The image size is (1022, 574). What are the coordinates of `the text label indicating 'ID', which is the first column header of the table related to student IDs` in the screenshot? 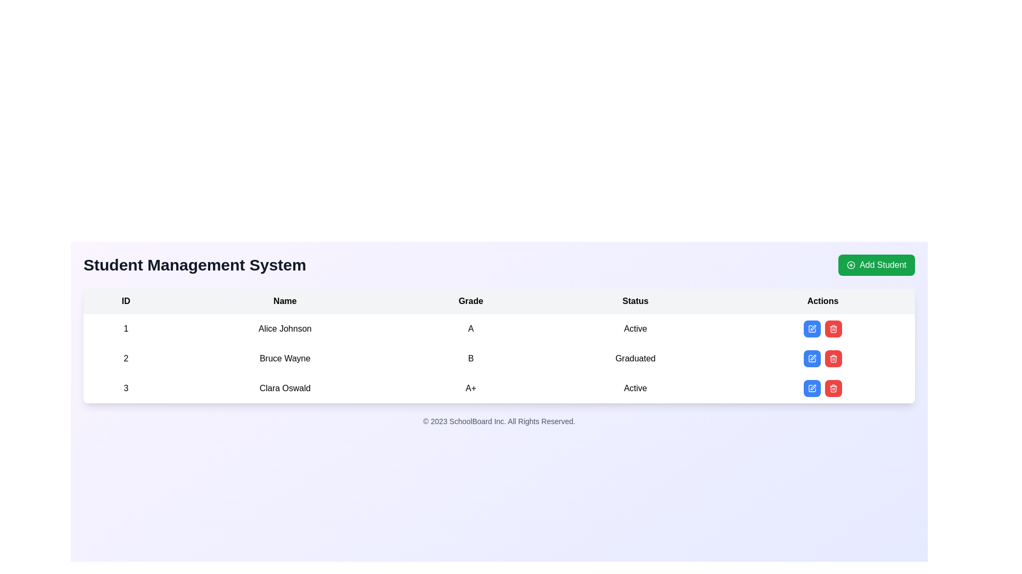 It's located at (126, 301).